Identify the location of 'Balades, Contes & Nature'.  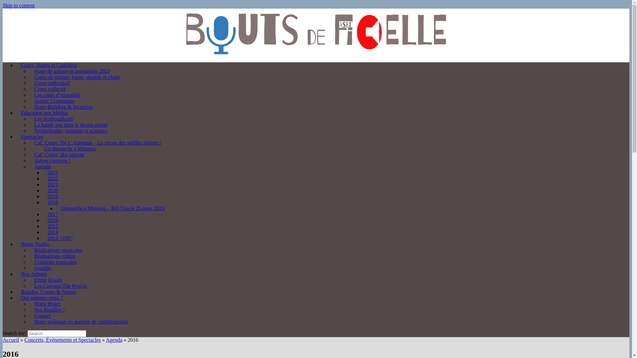
(16, 291).